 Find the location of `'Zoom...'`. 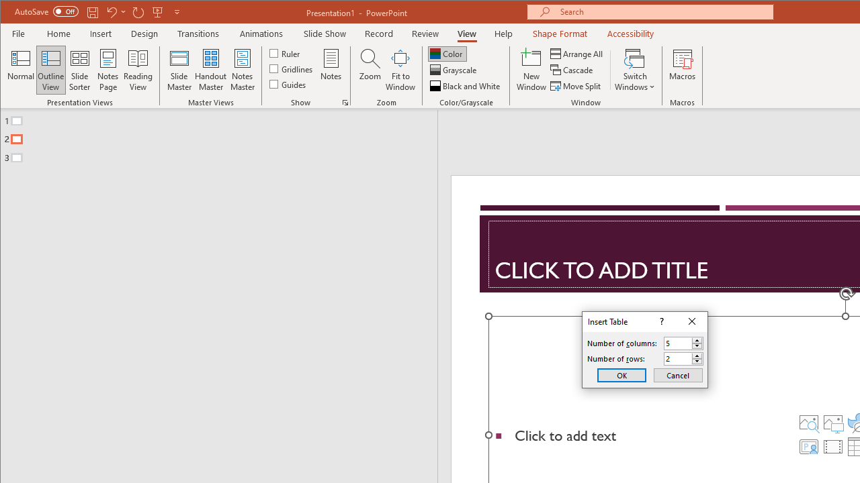

'Zoom...' is located at coordinates (370, 70).